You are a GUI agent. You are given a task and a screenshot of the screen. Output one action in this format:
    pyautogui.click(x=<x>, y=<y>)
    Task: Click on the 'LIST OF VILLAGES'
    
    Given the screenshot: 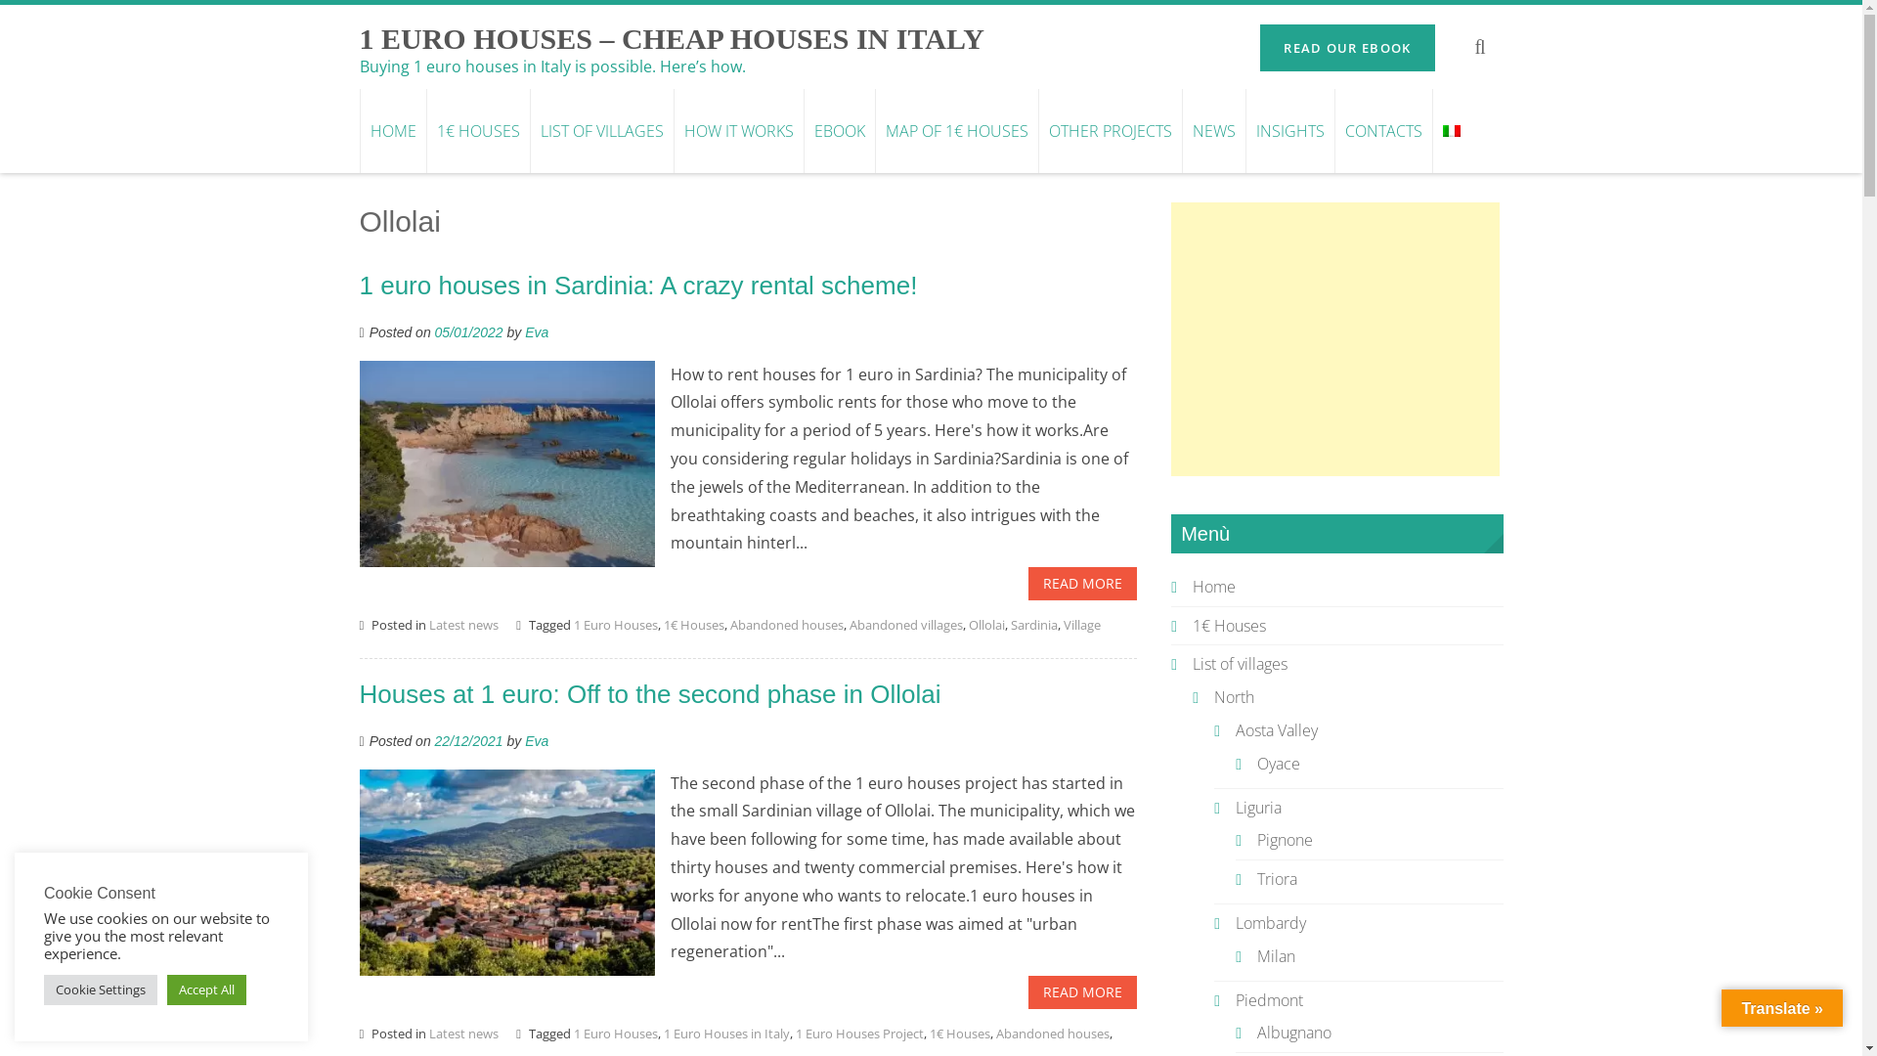 What is the action you would take?
    pyautogui.click(x=600, y=131)
    